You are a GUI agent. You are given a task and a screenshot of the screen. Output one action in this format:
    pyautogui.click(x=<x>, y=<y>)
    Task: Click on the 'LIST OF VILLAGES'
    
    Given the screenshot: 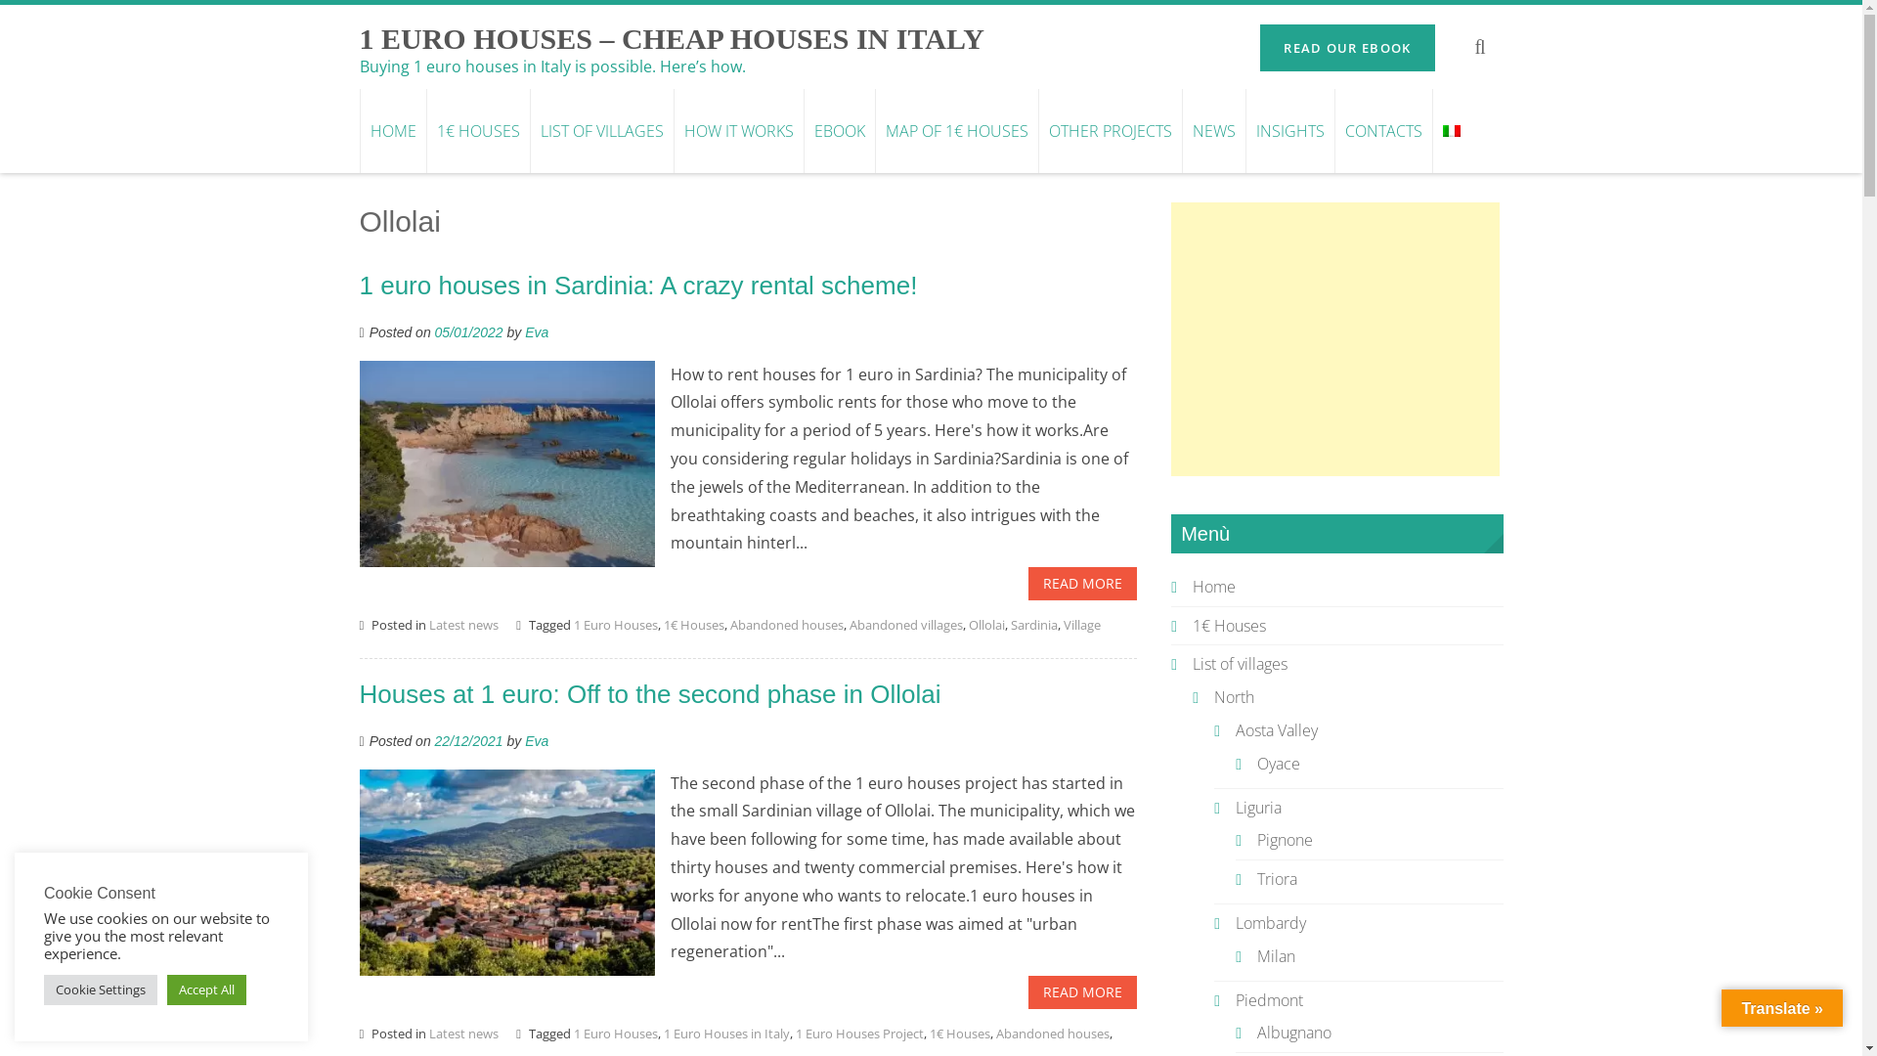 What is the action you would take?
    pyautogui.click(x=600, y=131)
    